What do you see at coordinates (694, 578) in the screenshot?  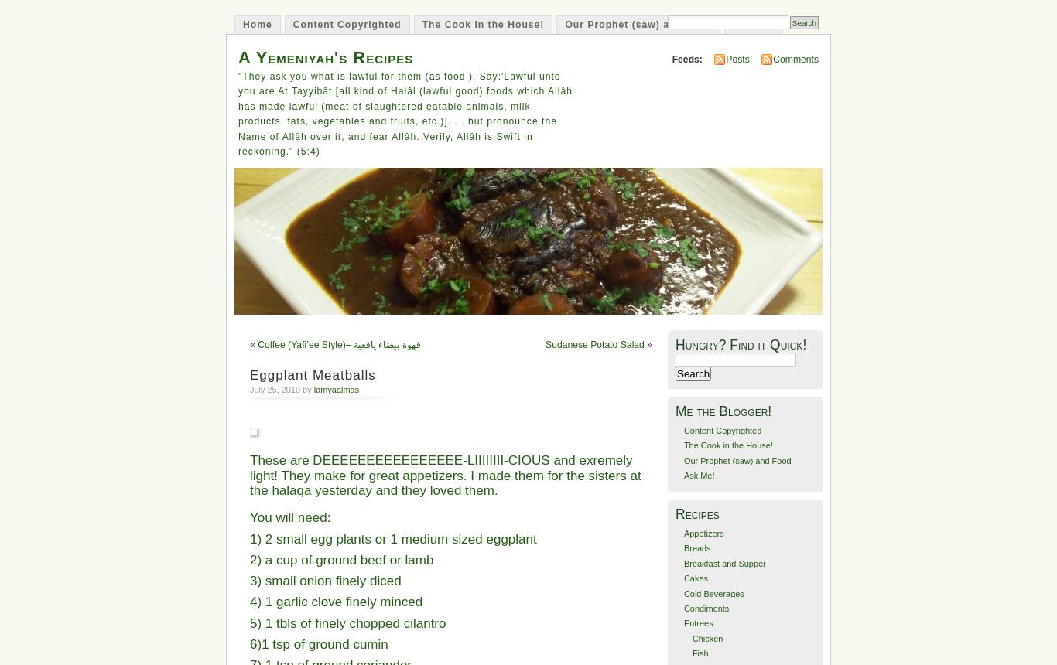 I see `'Cakes'` at bounding box center [694, 578].